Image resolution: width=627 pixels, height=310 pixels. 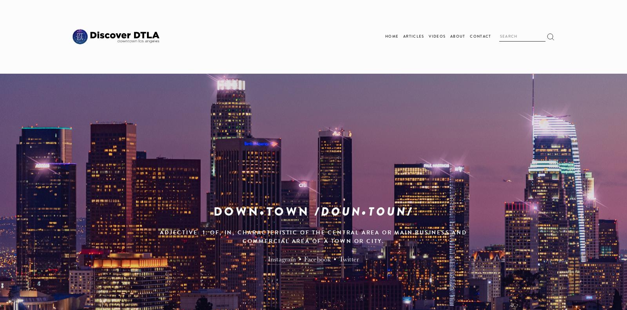 I want to click on 'Home', so click(x=391, y=36).